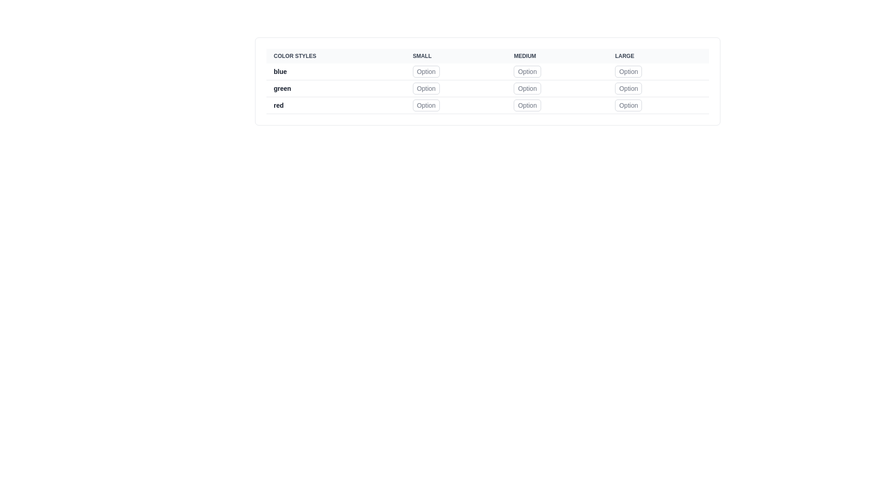 The width and height of the screenshot is (876, 493). What do you see at coordinates (426, 105) in the screenshot?
I see `the button representing the 'red' style under the 'SMALL' category` at bounding box center [426, 105].